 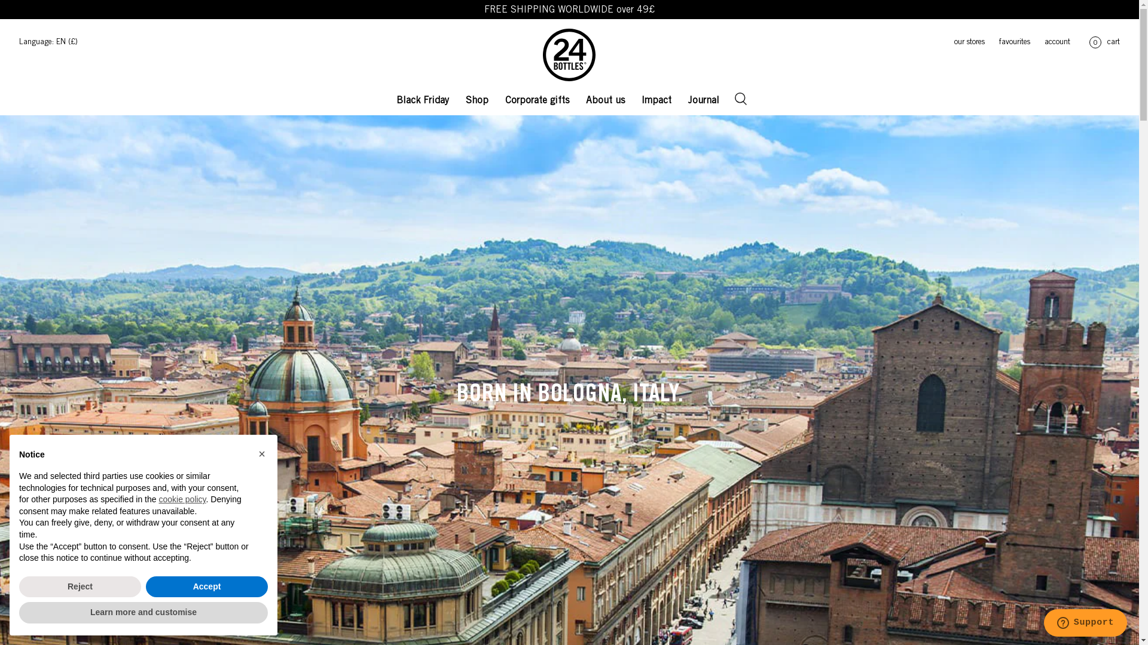 I want to click on 'About us', so click(x=605, y=97).